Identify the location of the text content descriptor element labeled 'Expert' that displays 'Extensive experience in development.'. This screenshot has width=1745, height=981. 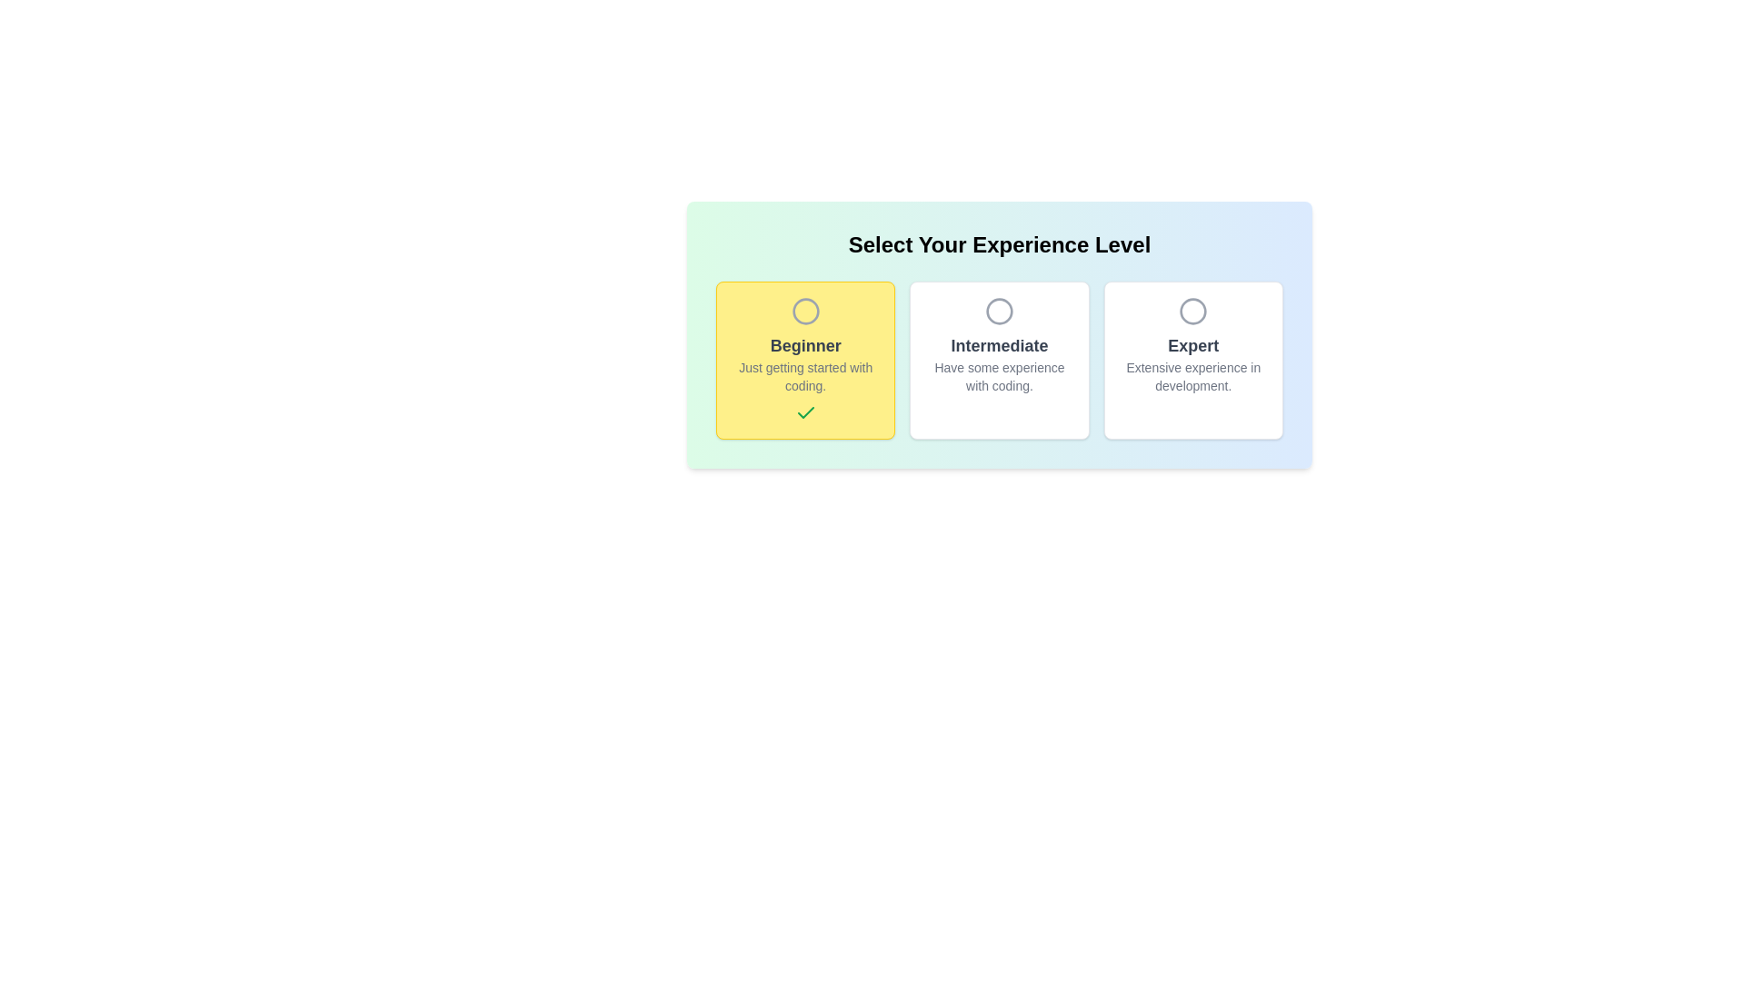
(1193, 364).